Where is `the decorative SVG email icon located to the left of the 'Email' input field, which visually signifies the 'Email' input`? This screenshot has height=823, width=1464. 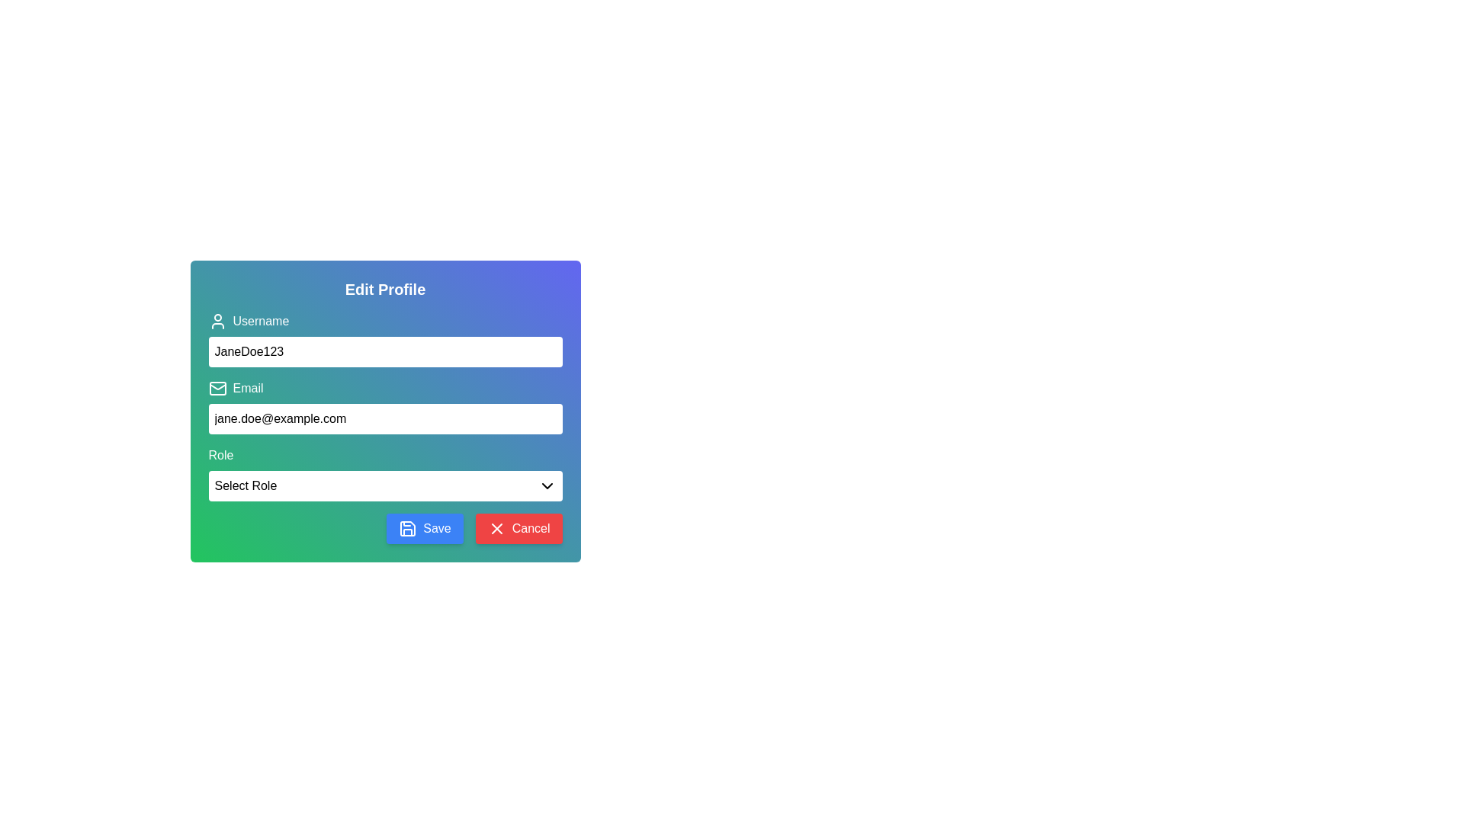
the decorative SVG email icon located to the left of the 'Email' input field, which visually signifies the 'Email' input is located at coordinates (217, 387).